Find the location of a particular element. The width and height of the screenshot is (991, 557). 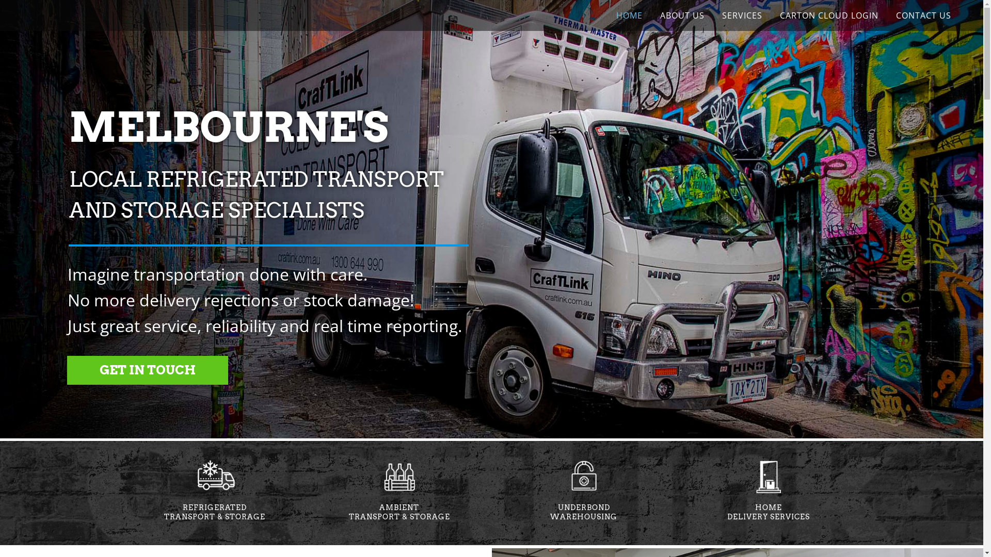

'home delivery icon' is located at coordinates (768, 477).